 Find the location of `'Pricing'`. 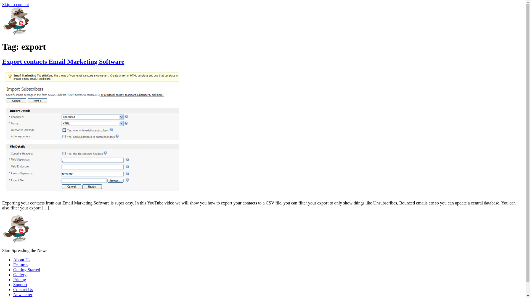

'Pricing' is located at coordinates (20, 280).